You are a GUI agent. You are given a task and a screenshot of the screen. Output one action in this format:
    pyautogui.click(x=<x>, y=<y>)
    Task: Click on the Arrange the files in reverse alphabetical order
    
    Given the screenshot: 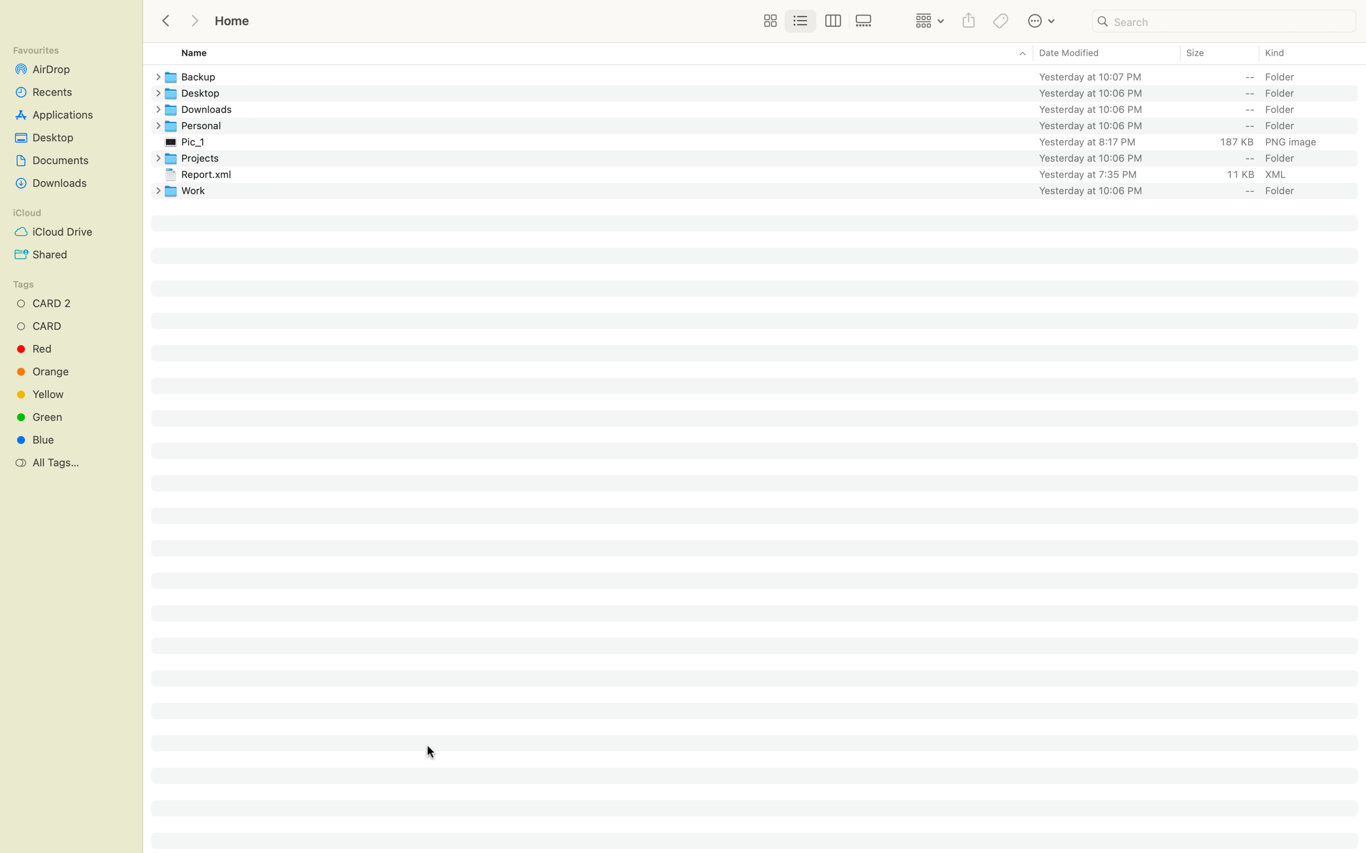 What is the action you would take?
    pyautogui.click(x=588, y=54)
    